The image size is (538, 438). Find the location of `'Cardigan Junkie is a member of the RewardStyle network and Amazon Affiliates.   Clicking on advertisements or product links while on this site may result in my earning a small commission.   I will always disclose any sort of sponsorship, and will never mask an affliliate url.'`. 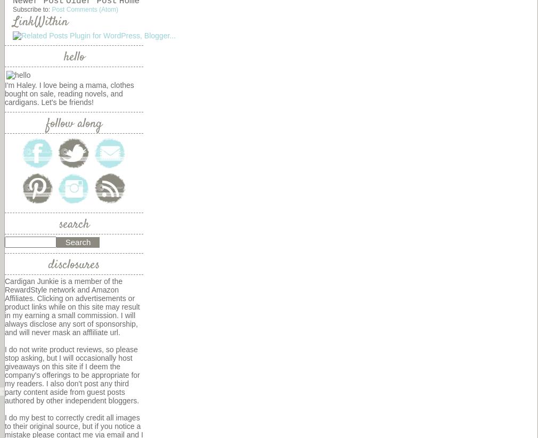

'Cardigan Junkie is a member of the RewardStyle network and Amazon Affiliates.   Clicking on advertisements or product links while on this site may result in my earning a small commission.   I will always disclose any sort of sponsorship, and will never mask an affliliate url.' is located at coordinates (71, 306).